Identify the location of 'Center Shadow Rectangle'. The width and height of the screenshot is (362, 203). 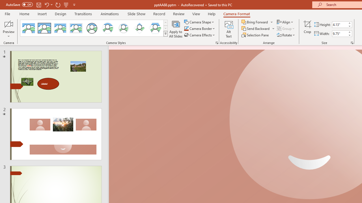
(60, 28).